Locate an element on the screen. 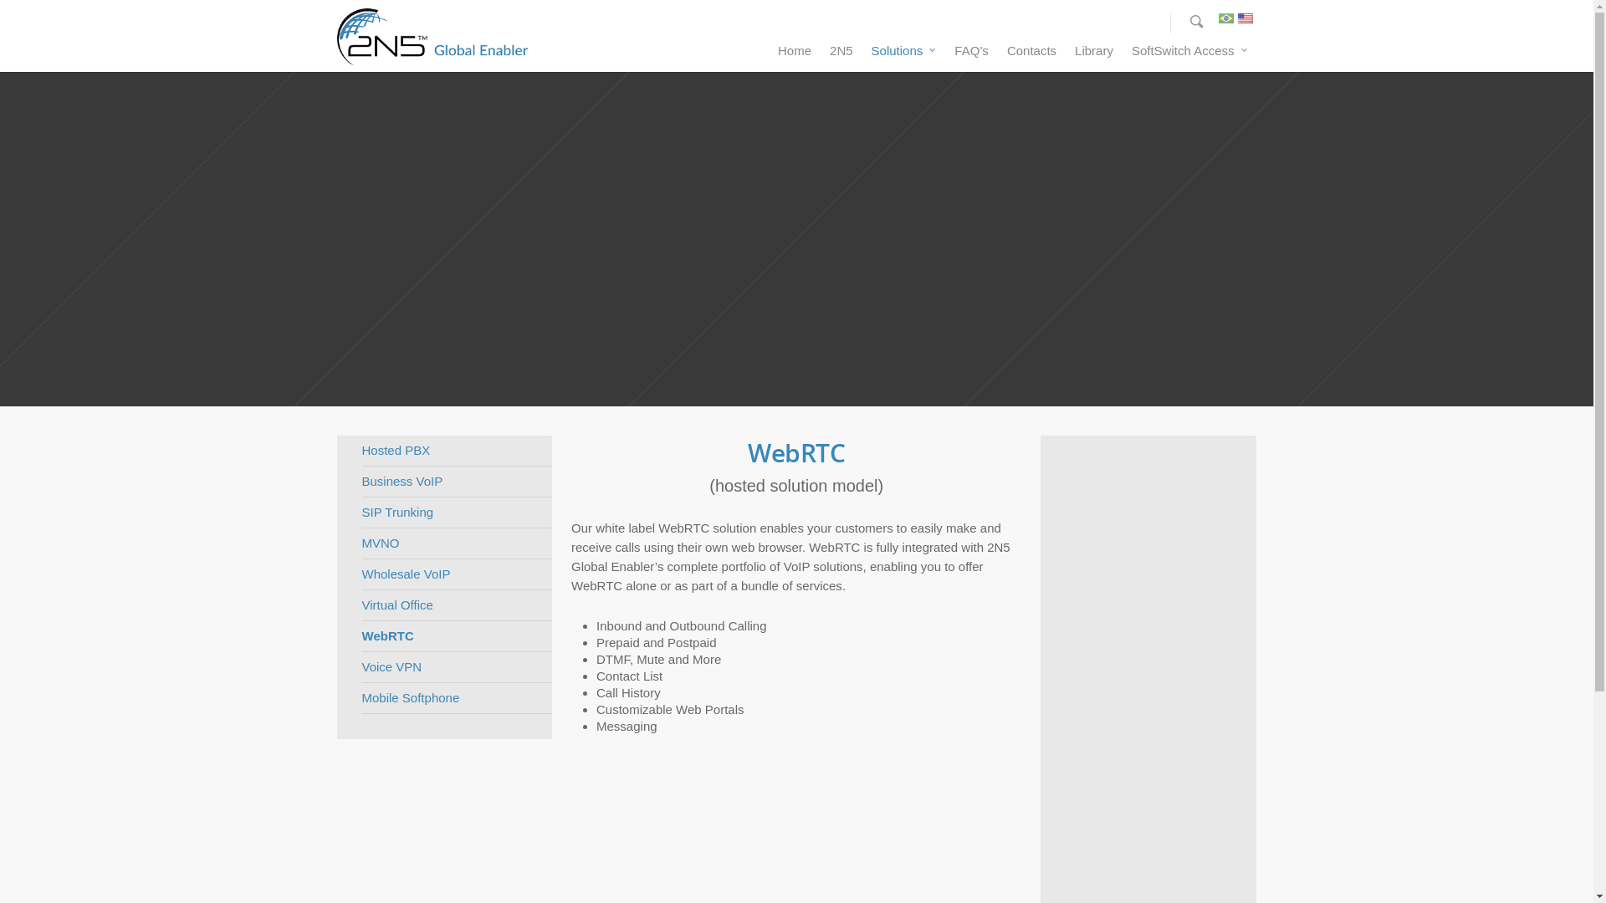 The width and height of the screenshot is (1606, 903). 'Home' is located at coordinates (794, 54).